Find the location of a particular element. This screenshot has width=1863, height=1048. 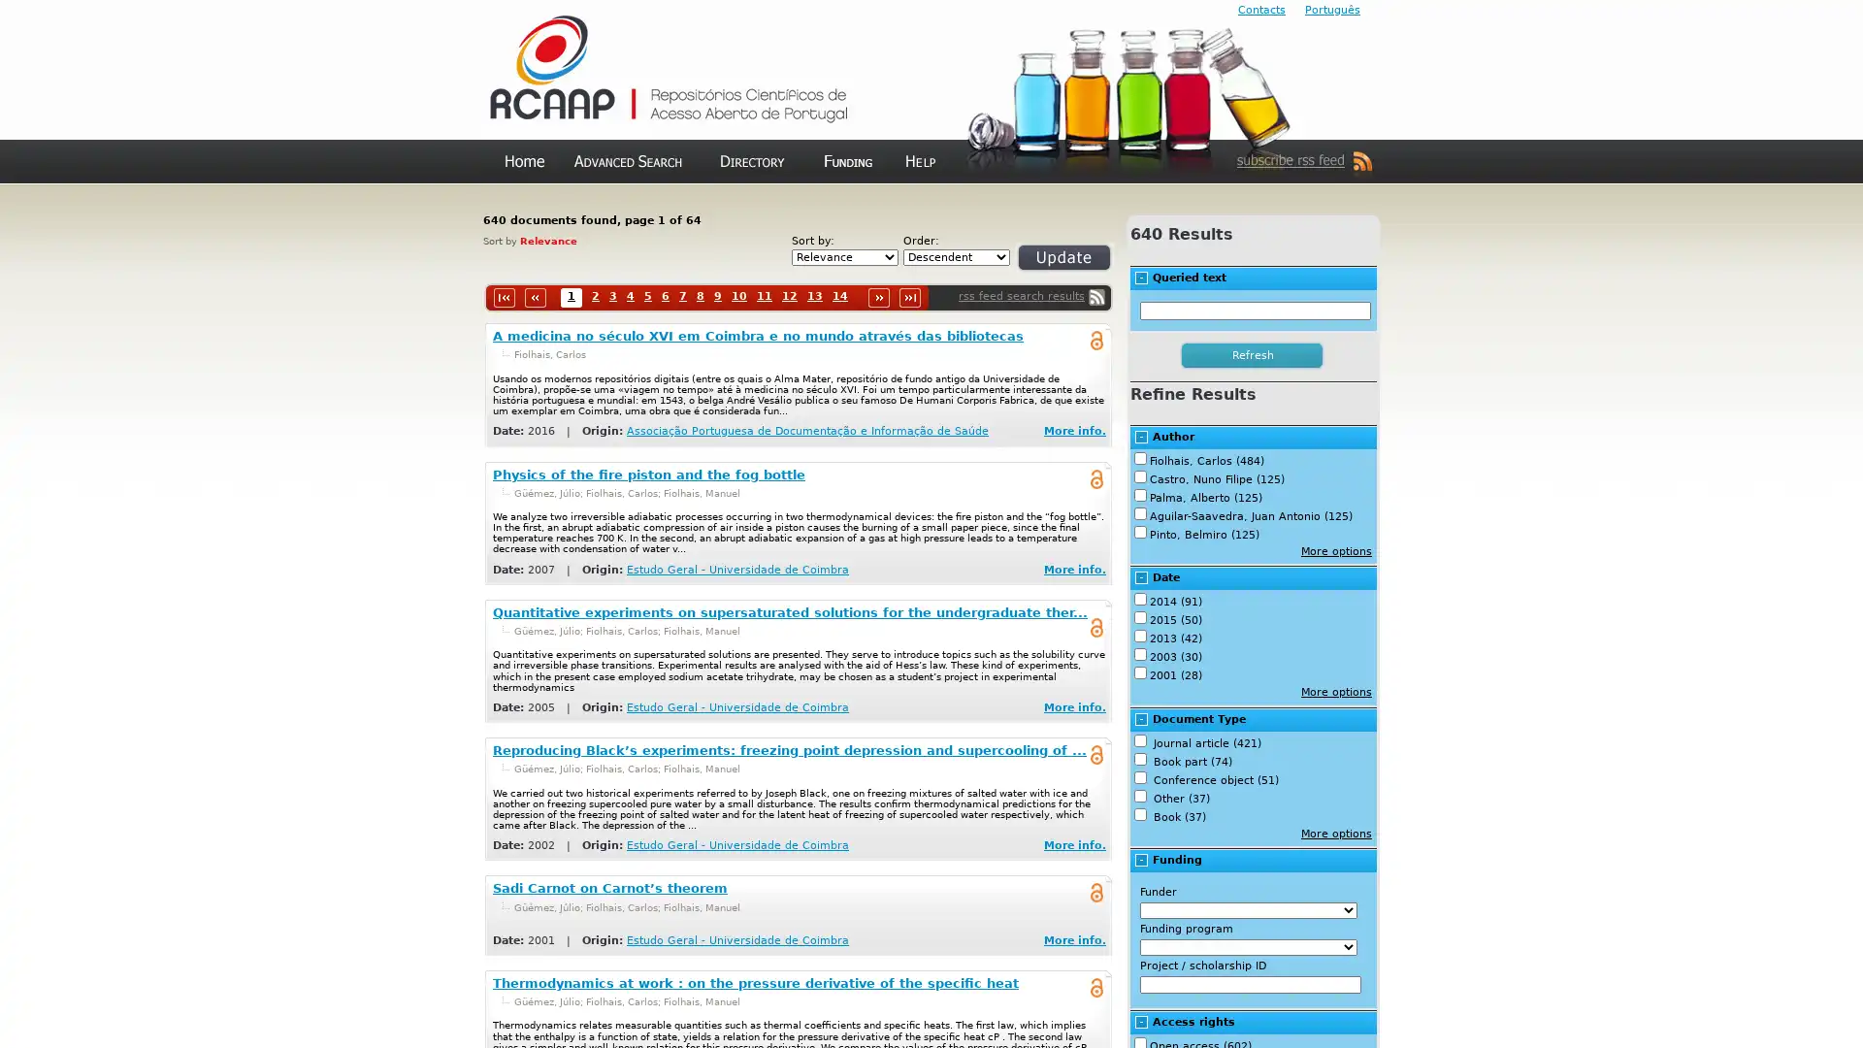

Refresh is located at coordinates (1040, 265).